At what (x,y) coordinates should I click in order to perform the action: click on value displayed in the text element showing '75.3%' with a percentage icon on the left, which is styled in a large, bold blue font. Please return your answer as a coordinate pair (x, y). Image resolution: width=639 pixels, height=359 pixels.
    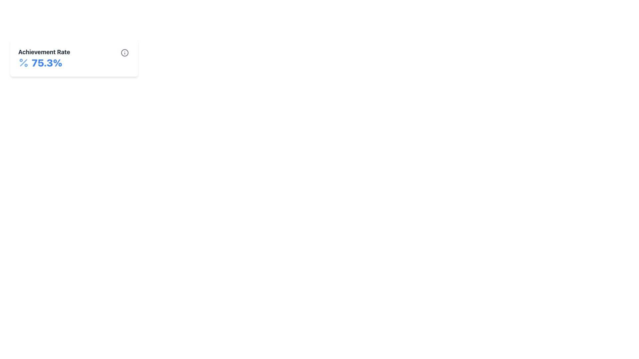
    Looking at the image, I should click on (44, 63).